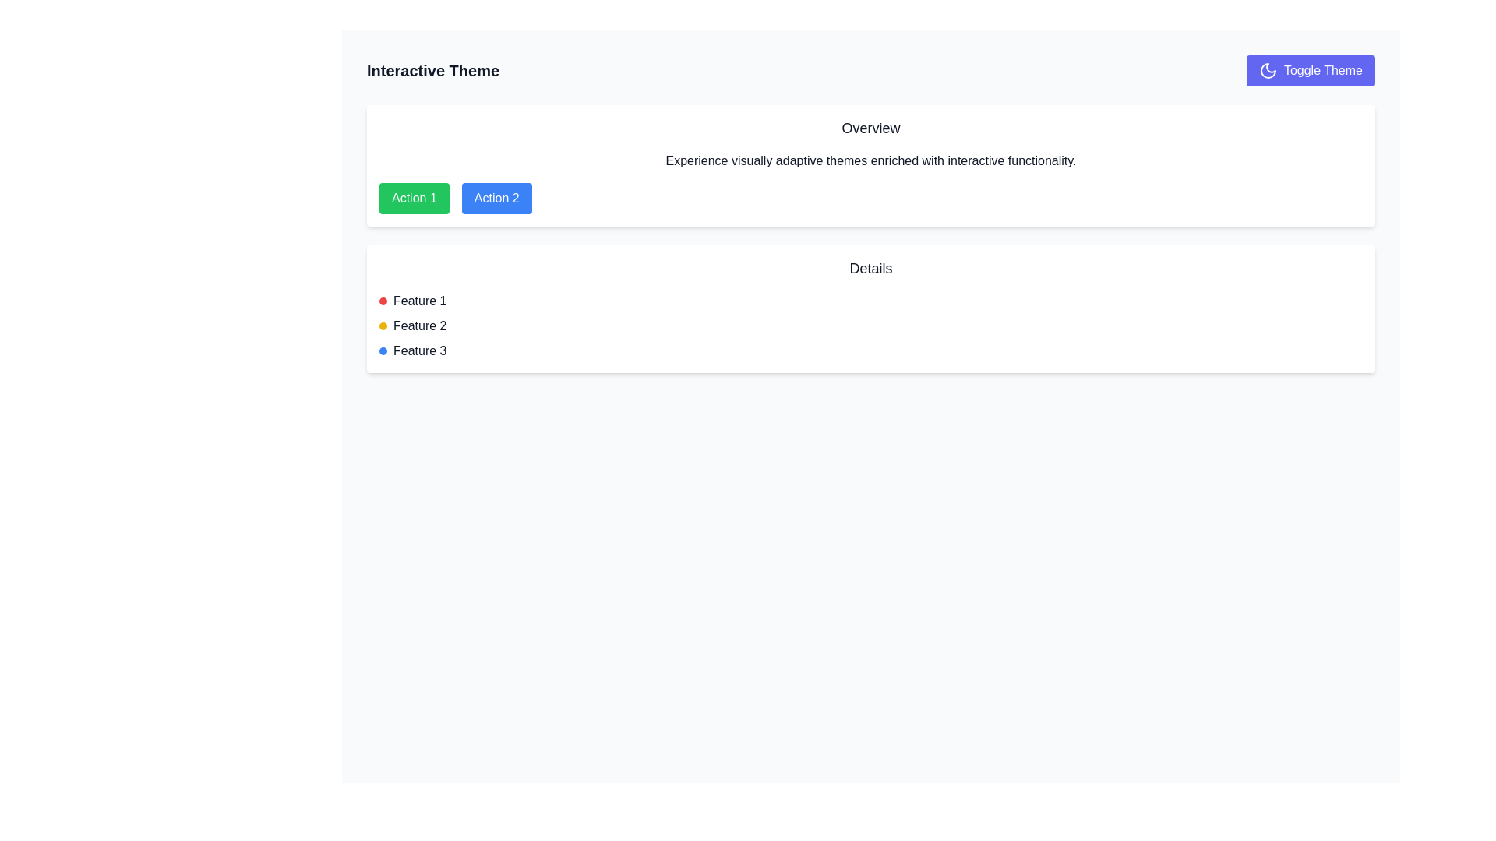 The image size is (1496, 841). I want to click on the button labeled 'Action 1' which has a green background and white bold text, located near the top center of the interface, so click(414, 197).